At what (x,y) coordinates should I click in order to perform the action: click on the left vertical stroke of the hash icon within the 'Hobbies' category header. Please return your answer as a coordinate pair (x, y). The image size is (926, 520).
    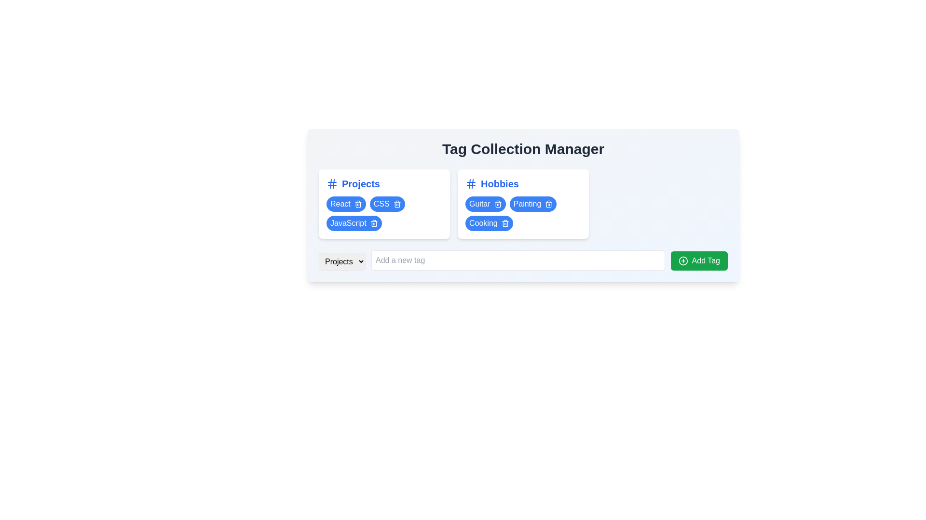
    Looking at the image, I should click on (470, 183).